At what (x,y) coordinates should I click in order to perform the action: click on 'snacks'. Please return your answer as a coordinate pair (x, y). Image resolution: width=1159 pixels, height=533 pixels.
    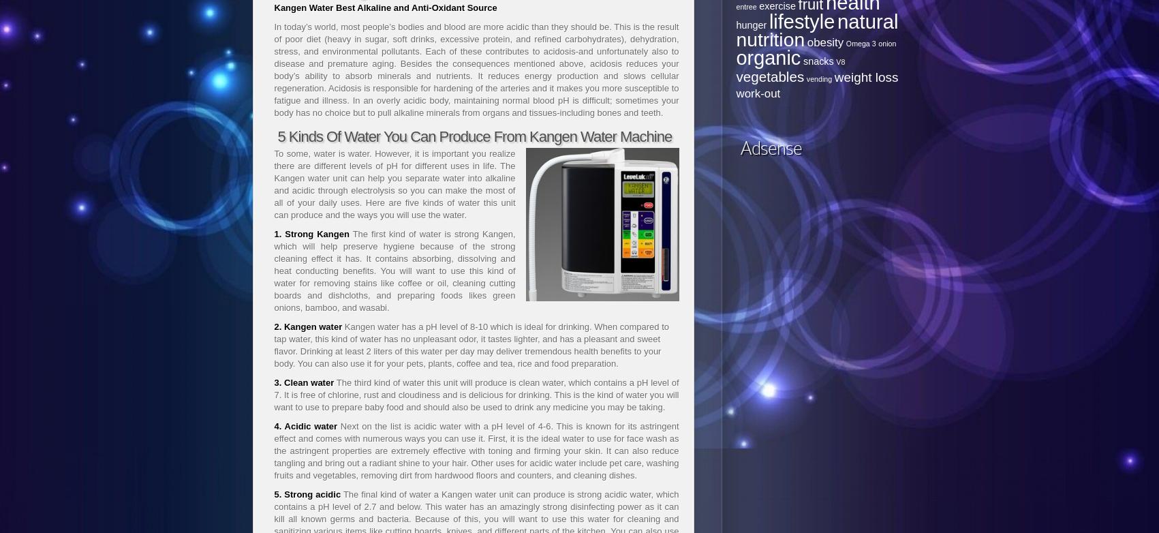
    Looking at the image, I should click on (817, 61).